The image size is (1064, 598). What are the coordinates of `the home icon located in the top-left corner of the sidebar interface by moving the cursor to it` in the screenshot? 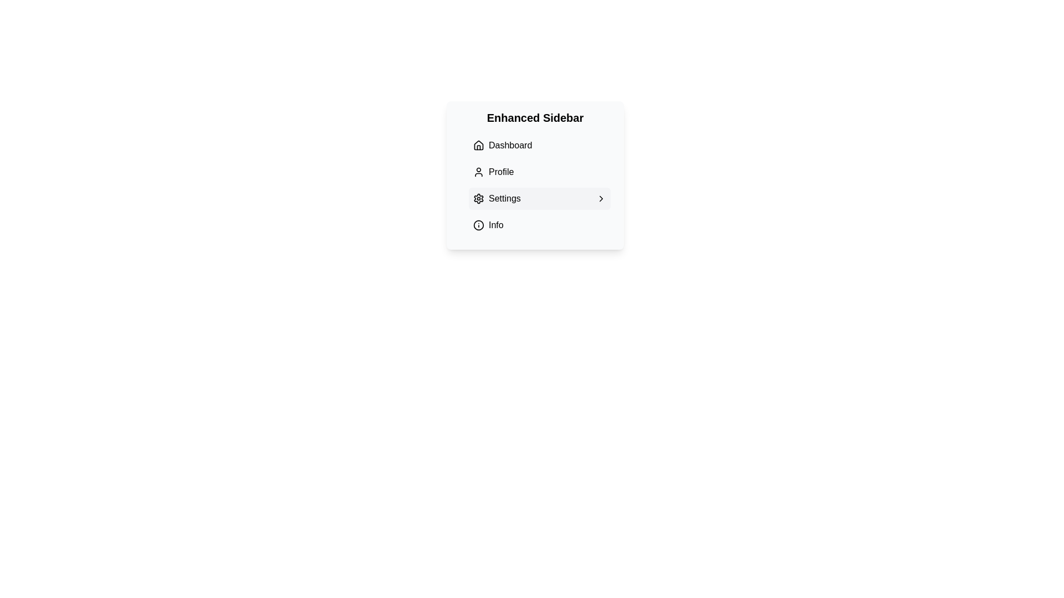 It's located at (479, 145).